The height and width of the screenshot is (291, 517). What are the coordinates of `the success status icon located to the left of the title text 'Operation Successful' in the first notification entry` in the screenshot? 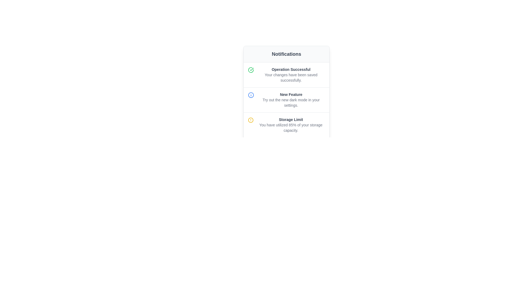 It's located at (250, 70).